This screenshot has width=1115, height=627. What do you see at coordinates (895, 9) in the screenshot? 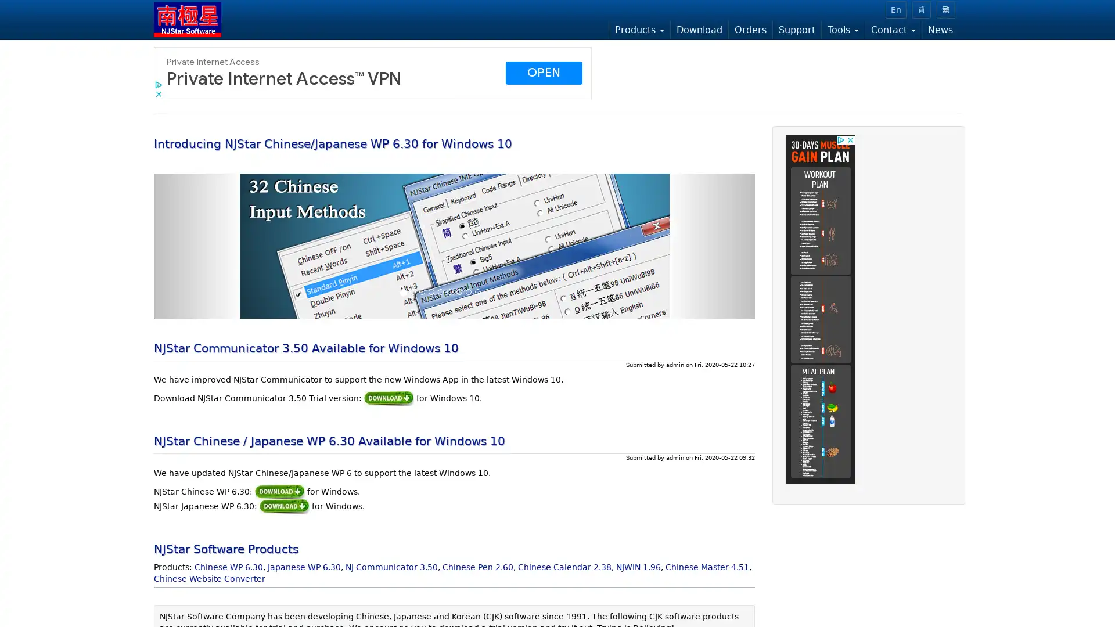
I see `En` at bounding box center [895, 9].